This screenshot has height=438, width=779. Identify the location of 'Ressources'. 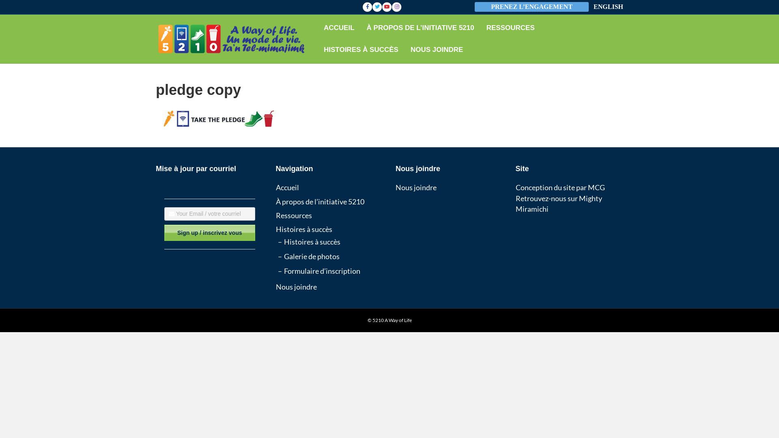
(276, 215).